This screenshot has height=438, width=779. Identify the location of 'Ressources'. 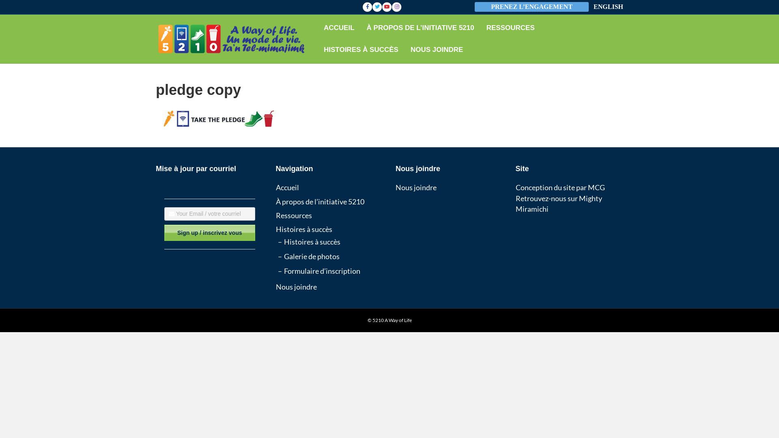
(276, 215).